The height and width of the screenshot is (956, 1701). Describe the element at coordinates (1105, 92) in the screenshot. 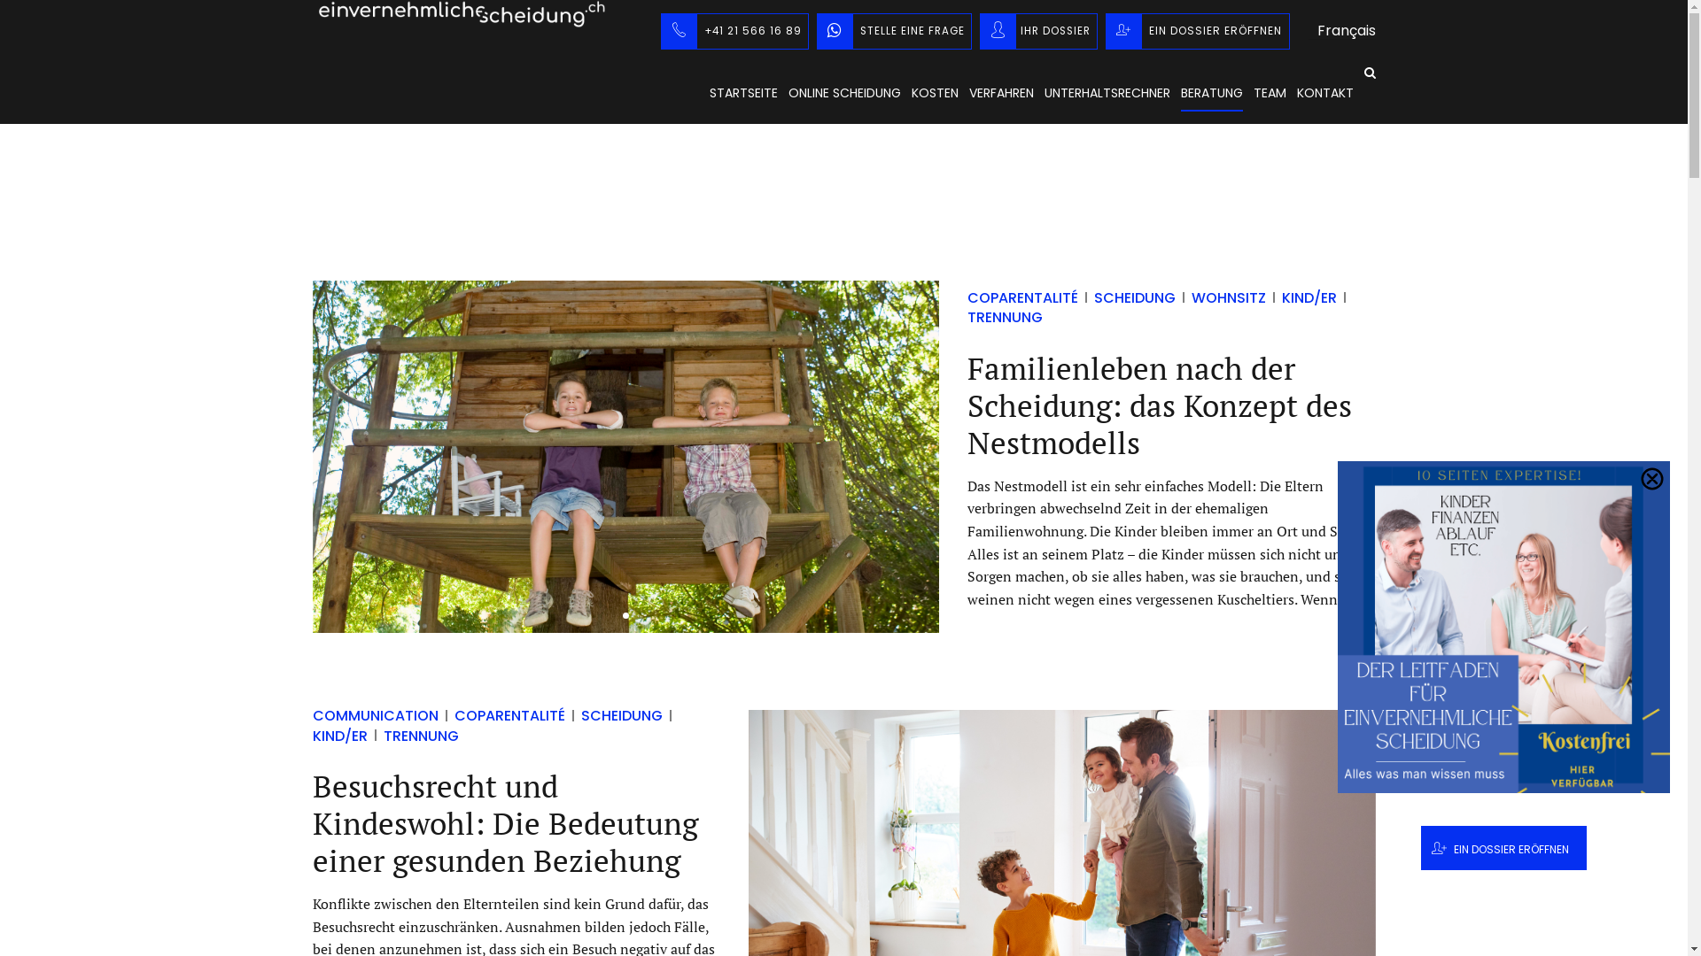

I see `'UNTERHALTSRECHNER'` at that location.